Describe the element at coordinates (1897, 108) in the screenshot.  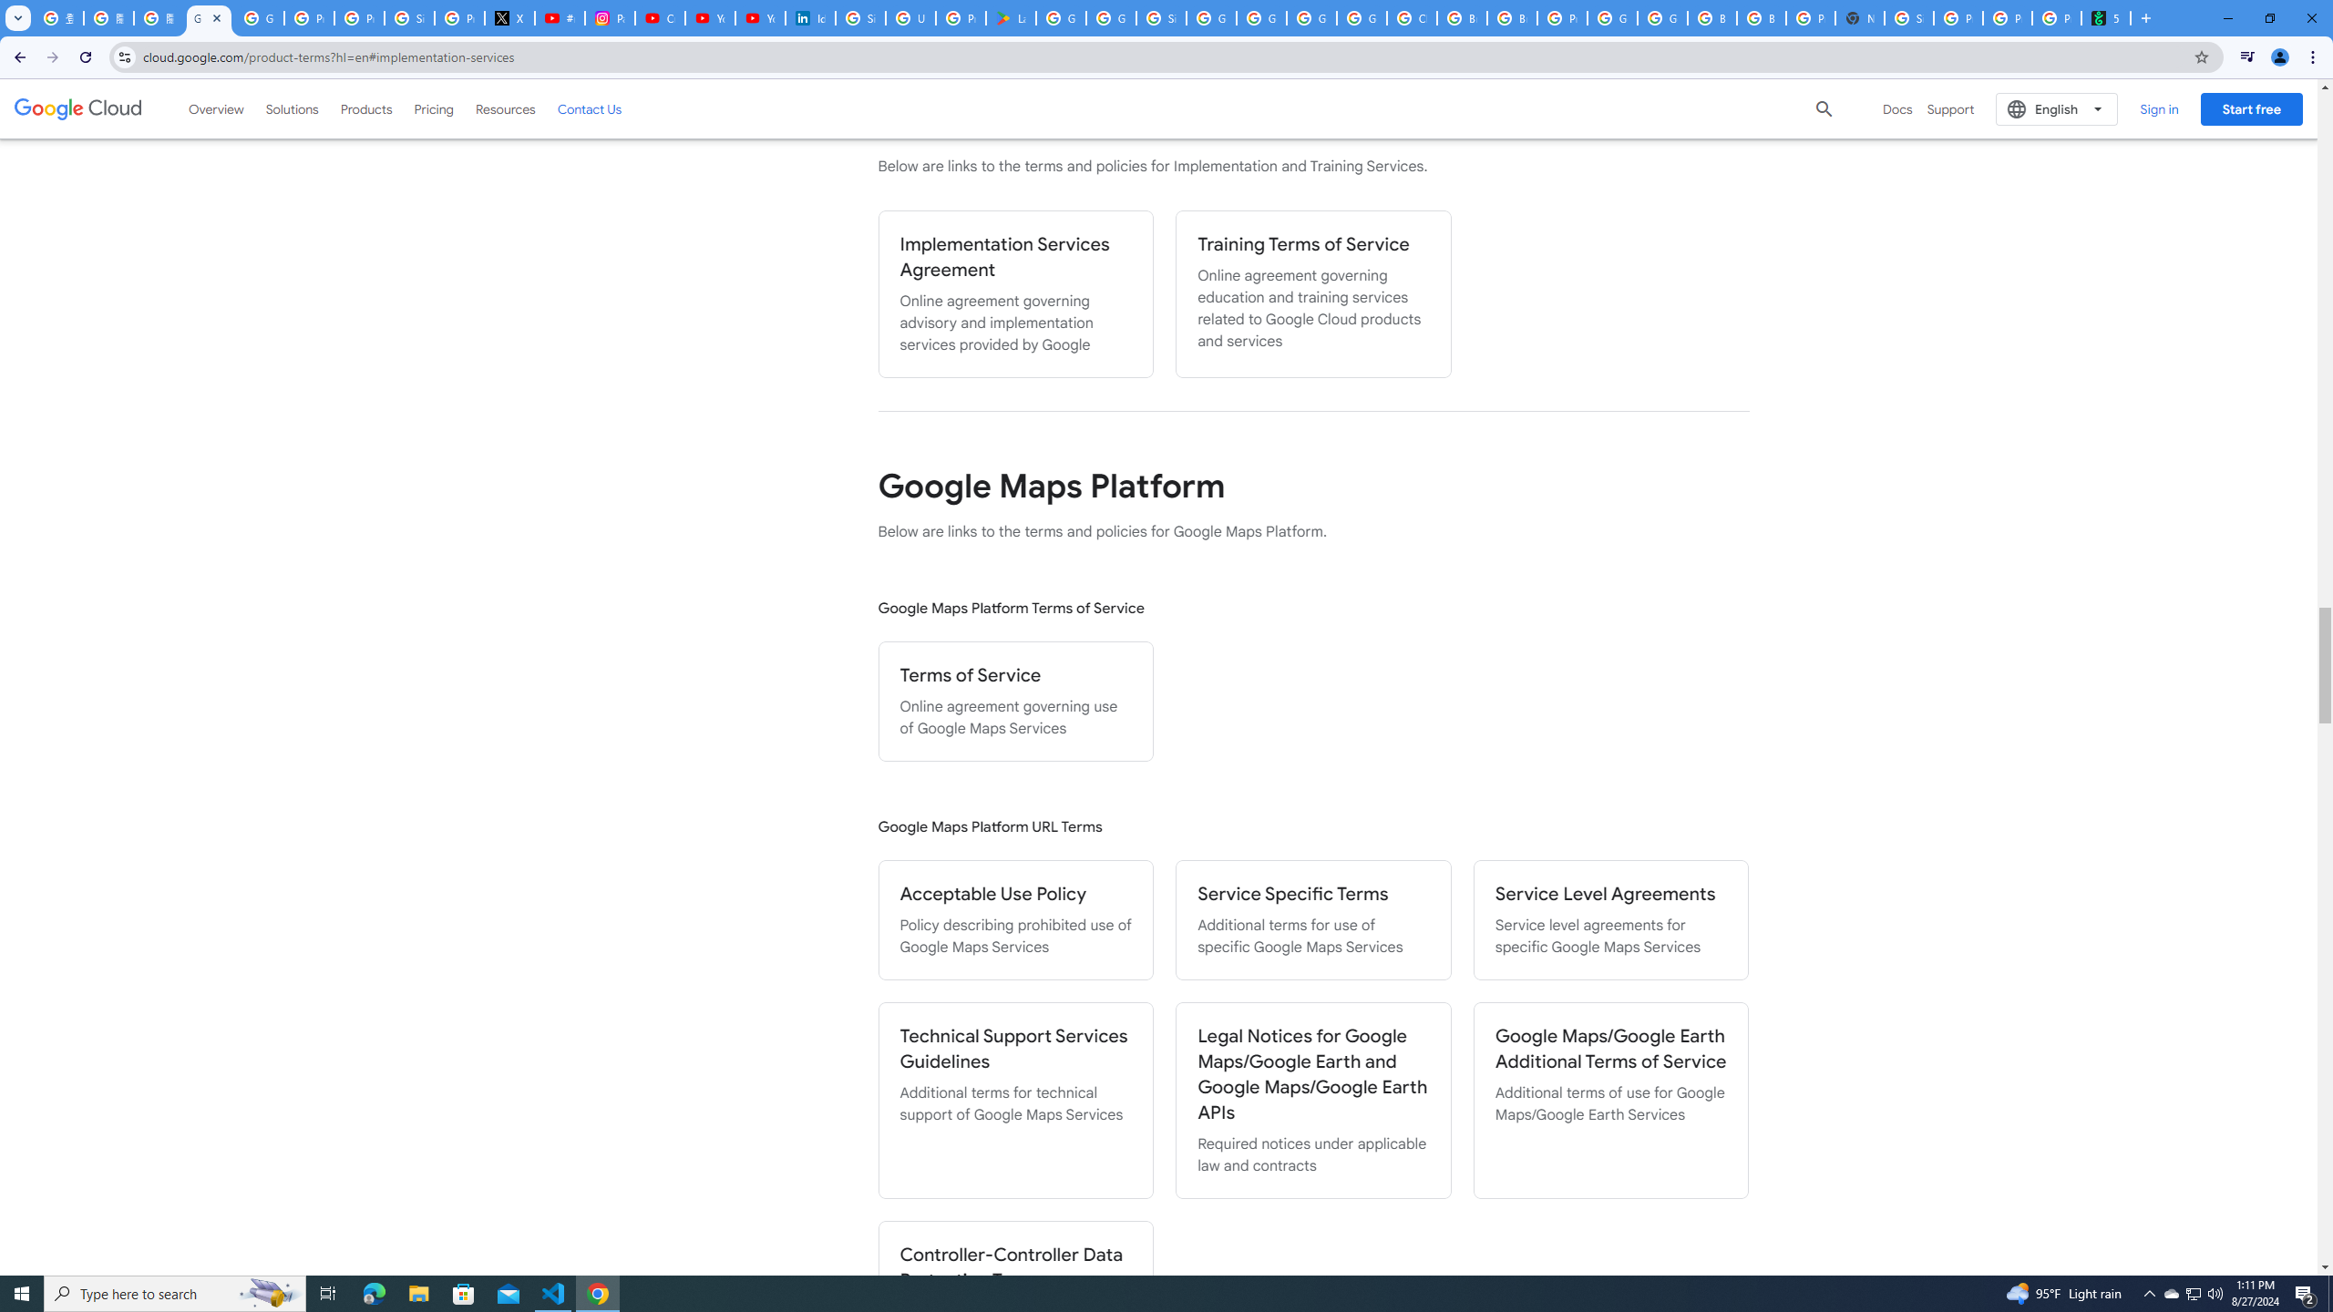
I see `'Docs'` at that location.